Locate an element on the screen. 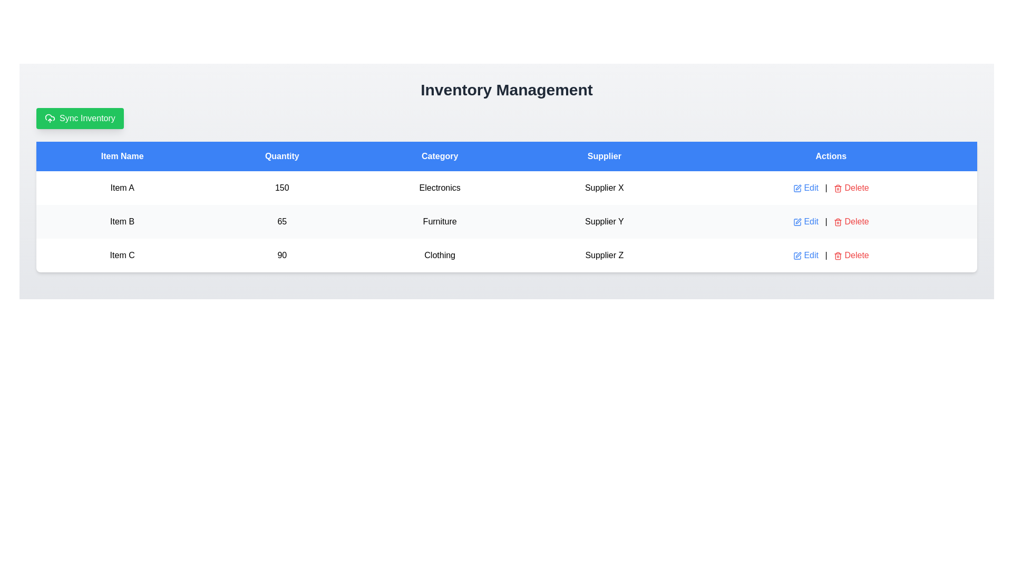 Image resolution: width=1012 pixels, height=569 pixels. the non-interactive label displaying the name of the inventory item, located in the third row of the table under the 'Item Name' column, positioned to the left of '90' and above 'Clothing' is located at coordinates (122, 256).